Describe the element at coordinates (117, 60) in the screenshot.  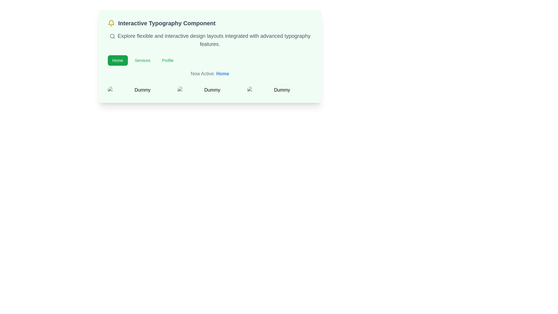
I see `the first navigation button located at the top-center section of the interface` at that location.